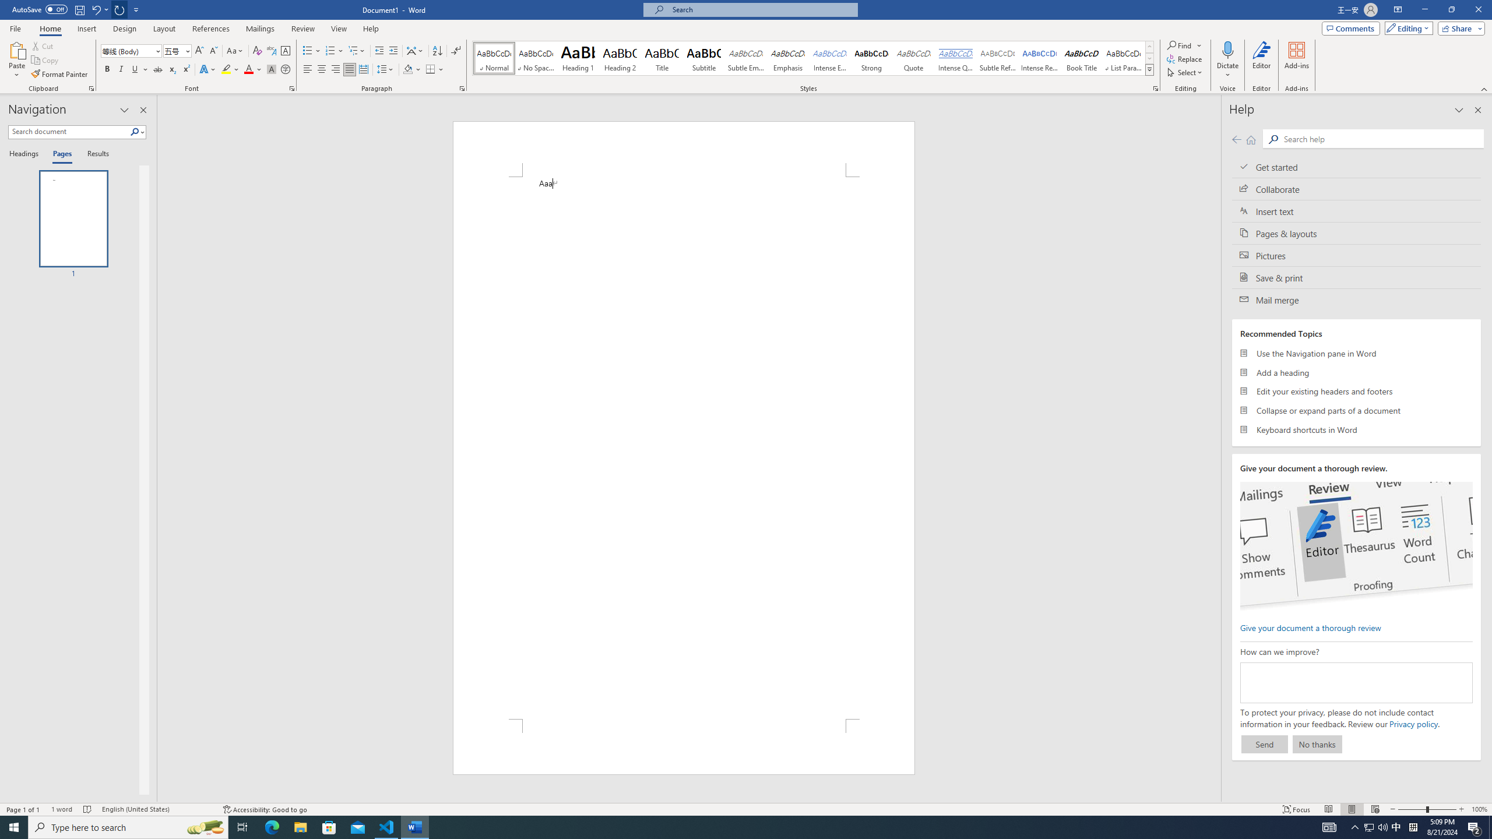  I want to click on 'Borders', so click(430, 69).